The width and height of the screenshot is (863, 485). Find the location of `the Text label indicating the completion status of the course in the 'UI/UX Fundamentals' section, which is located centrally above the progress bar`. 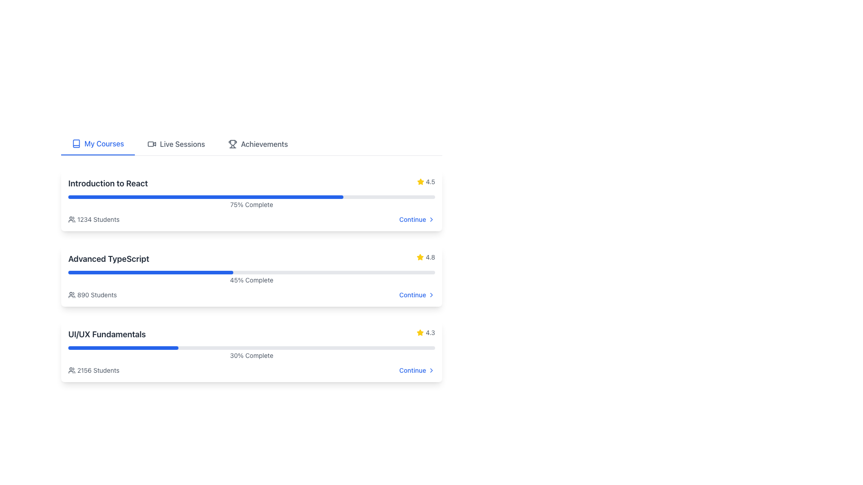

the Text label indicating the completion status of the course in the 'UI/UX Fundamentals' section, which is located centrally above the progress bar is located at coordinates (252, 355).